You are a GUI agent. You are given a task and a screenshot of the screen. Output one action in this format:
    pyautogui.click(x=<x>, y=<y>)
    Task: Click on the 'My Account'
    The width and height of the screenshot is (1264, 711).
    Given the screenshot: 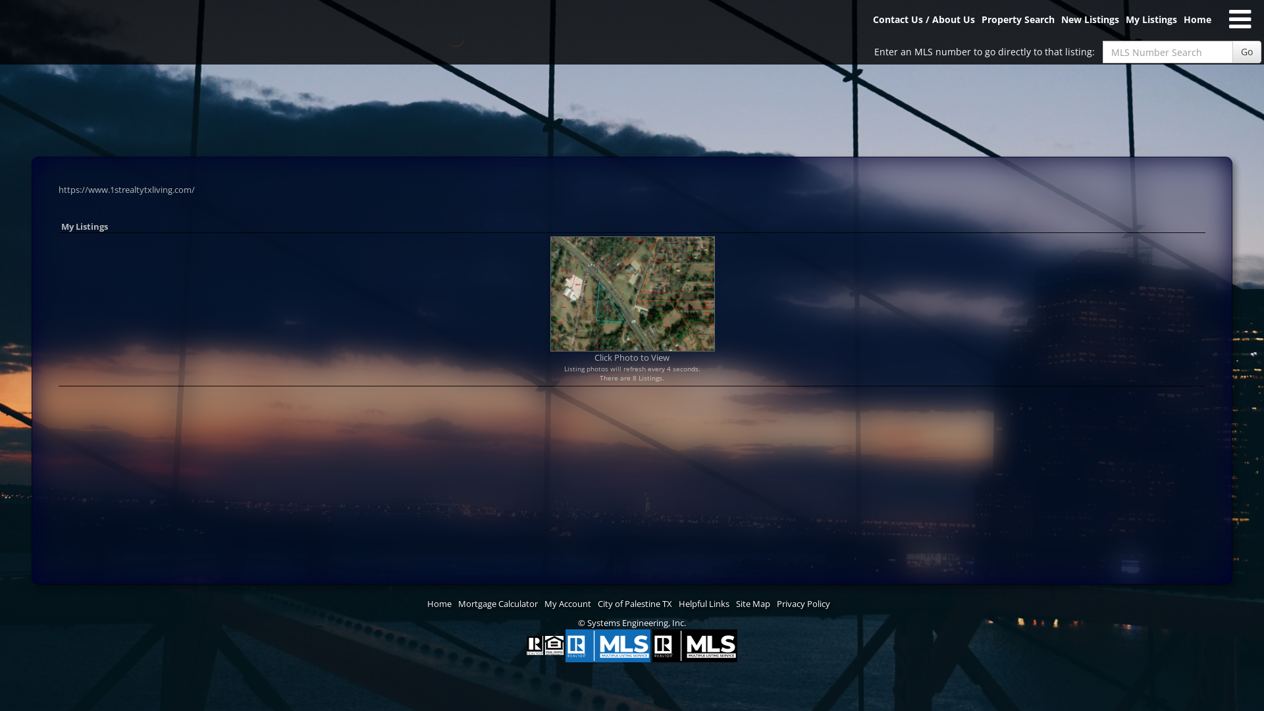 What is the action you would take?
    pyautogui.click(x=567, y=604)
    